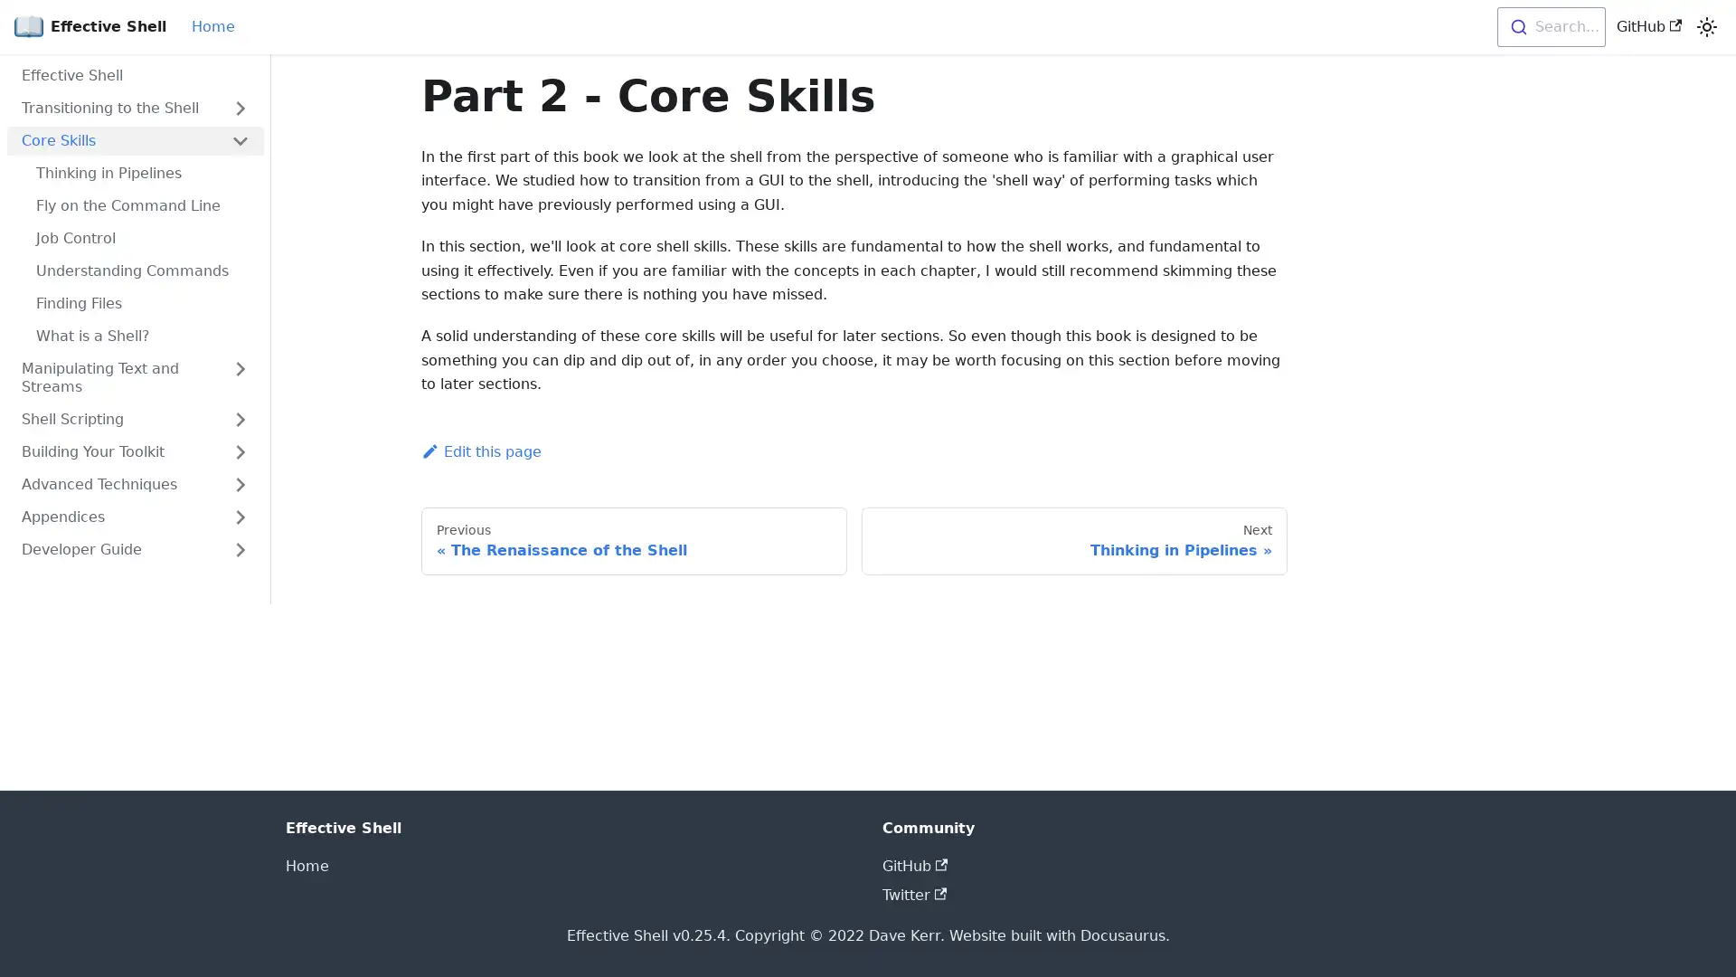 The image size is (1736, 977). Describe the element at coordinates (239, 484) in the screenshot. I see `Toggle the collapsible sidebar category 'Advanced Techniques'` at that location.